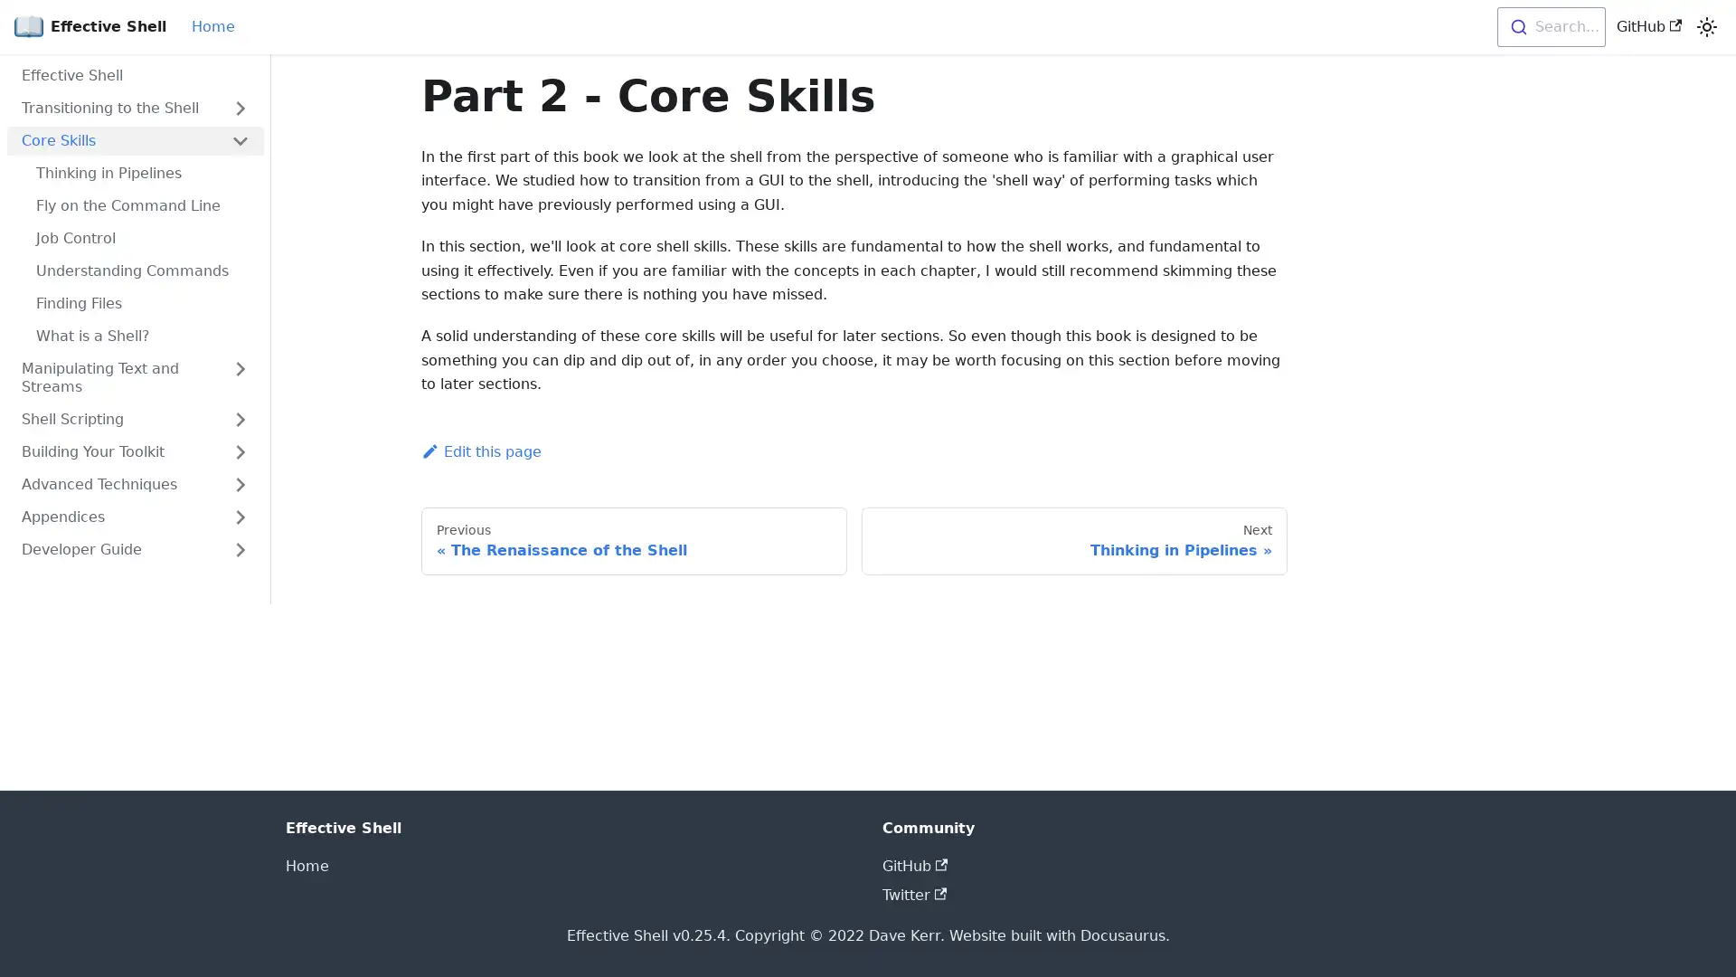 The image size is (1736, 977). Describe the element at coordinates (239, 484) in the screenshot. I see `Toggle the collapsible sidebar category 'Advanced Techniques'` at that location.